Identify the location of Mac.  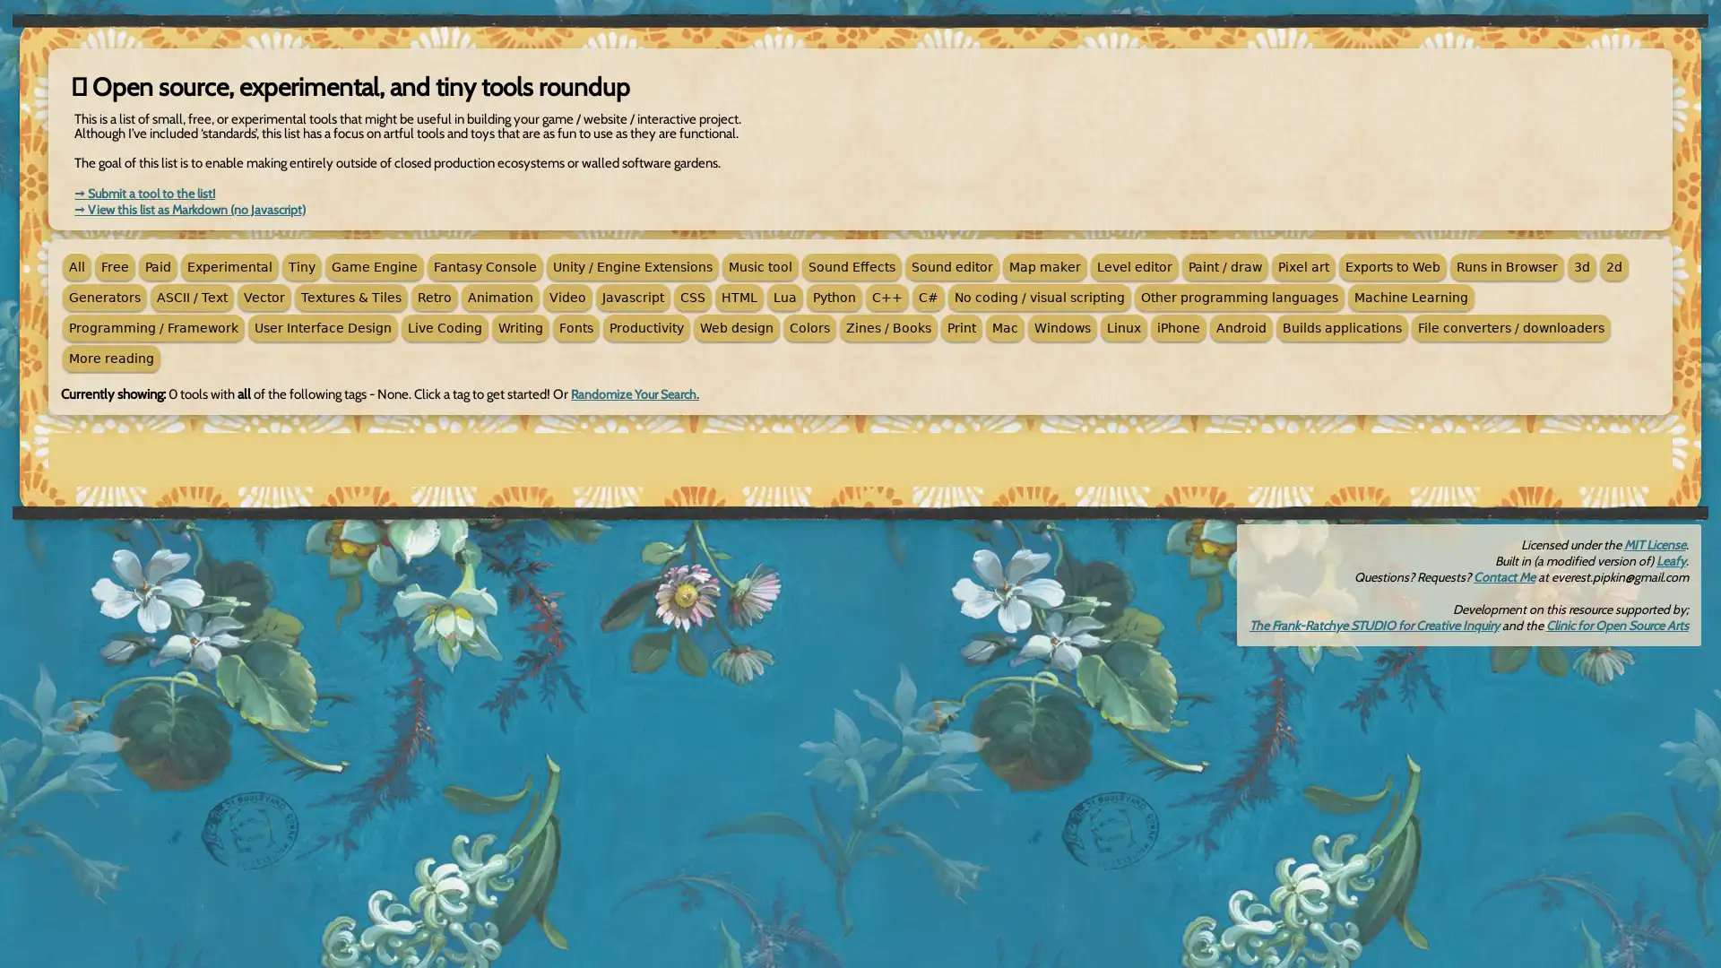
(1005, 328).